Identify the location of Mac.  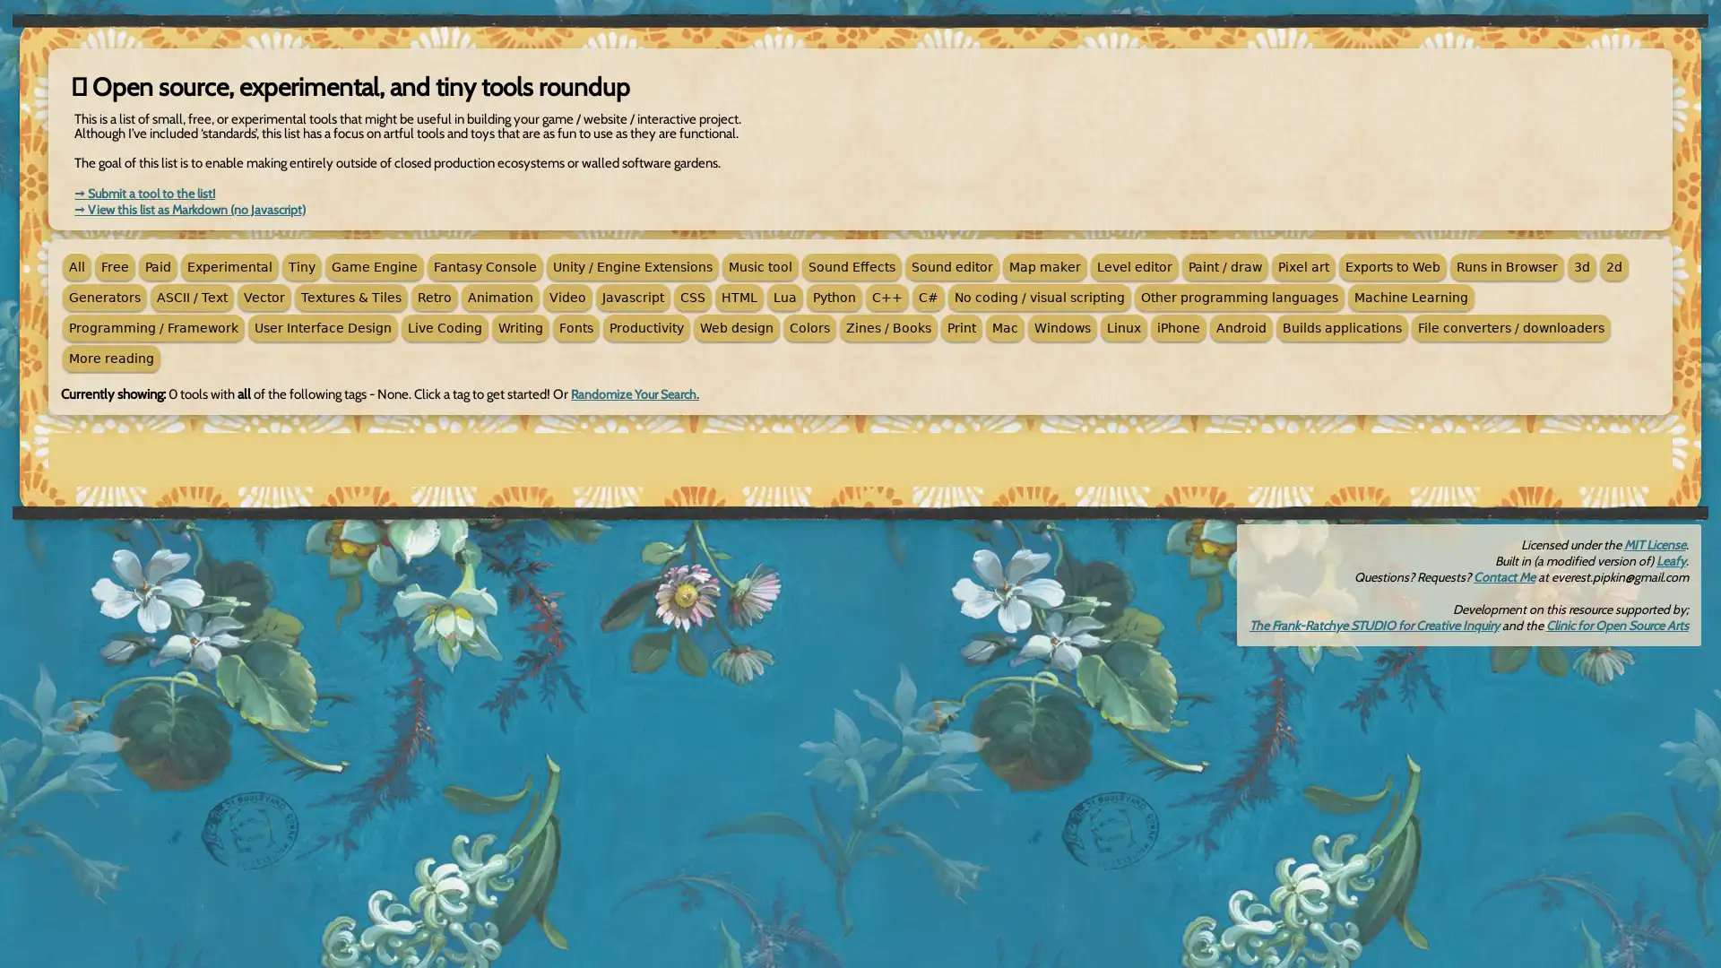
(1005, 328).